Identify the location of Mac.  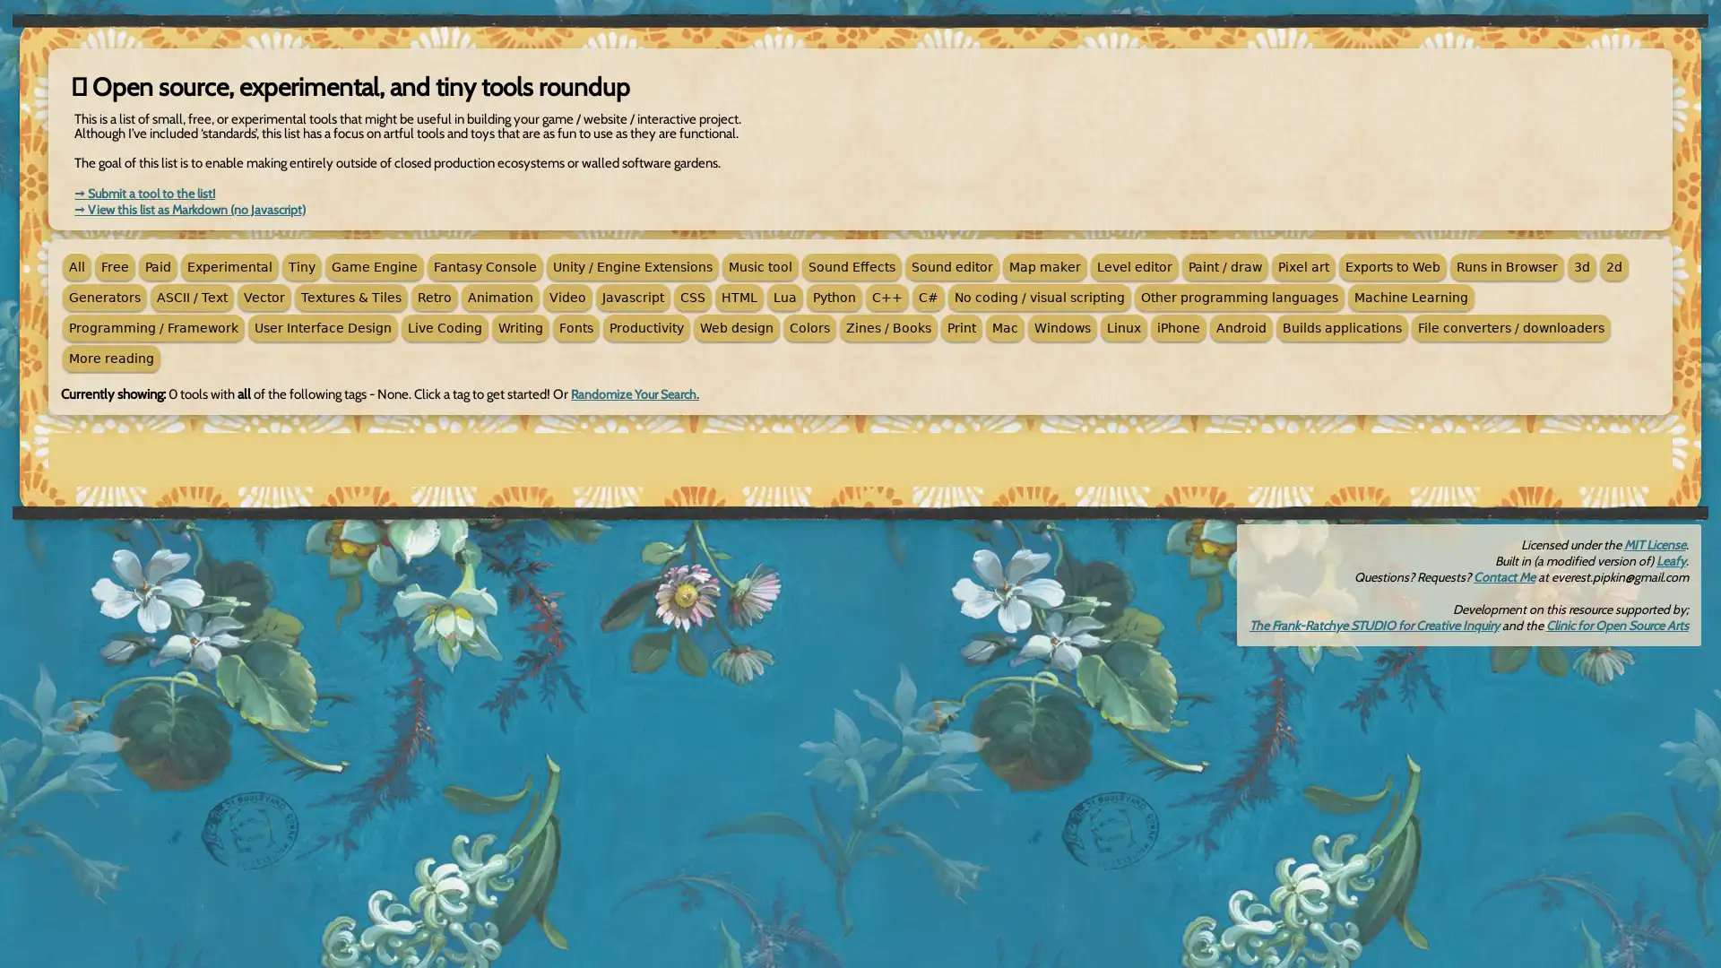
(1005, 328).